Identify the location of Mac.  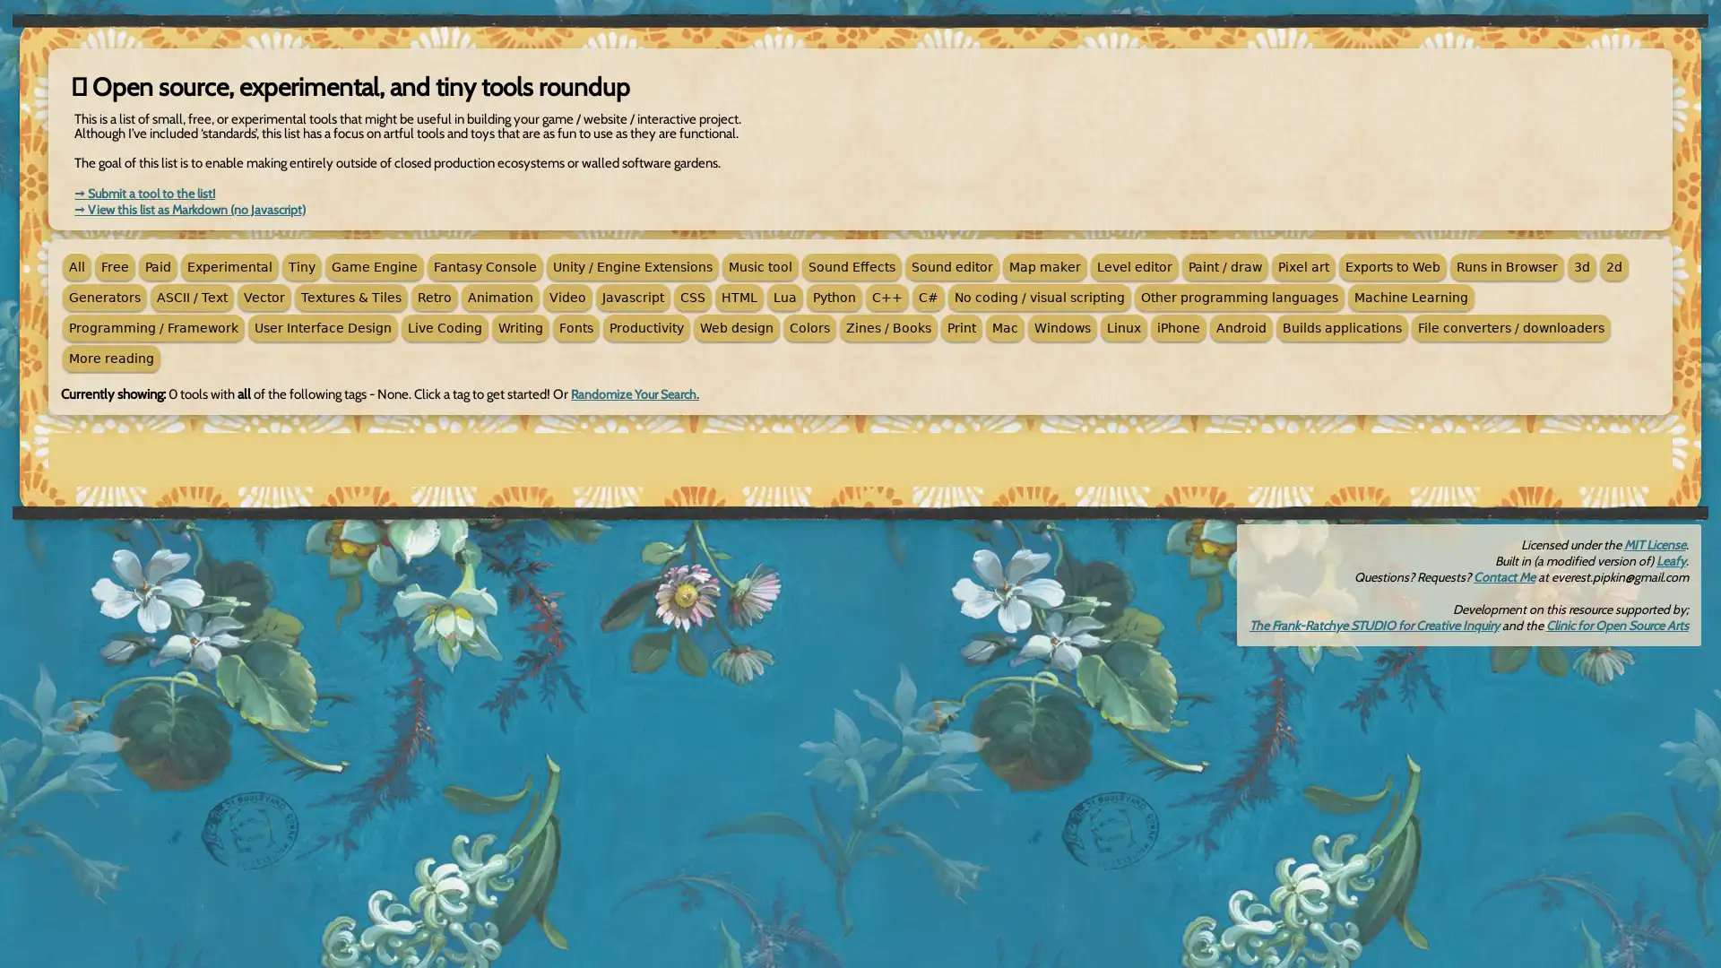
(1005, 328).